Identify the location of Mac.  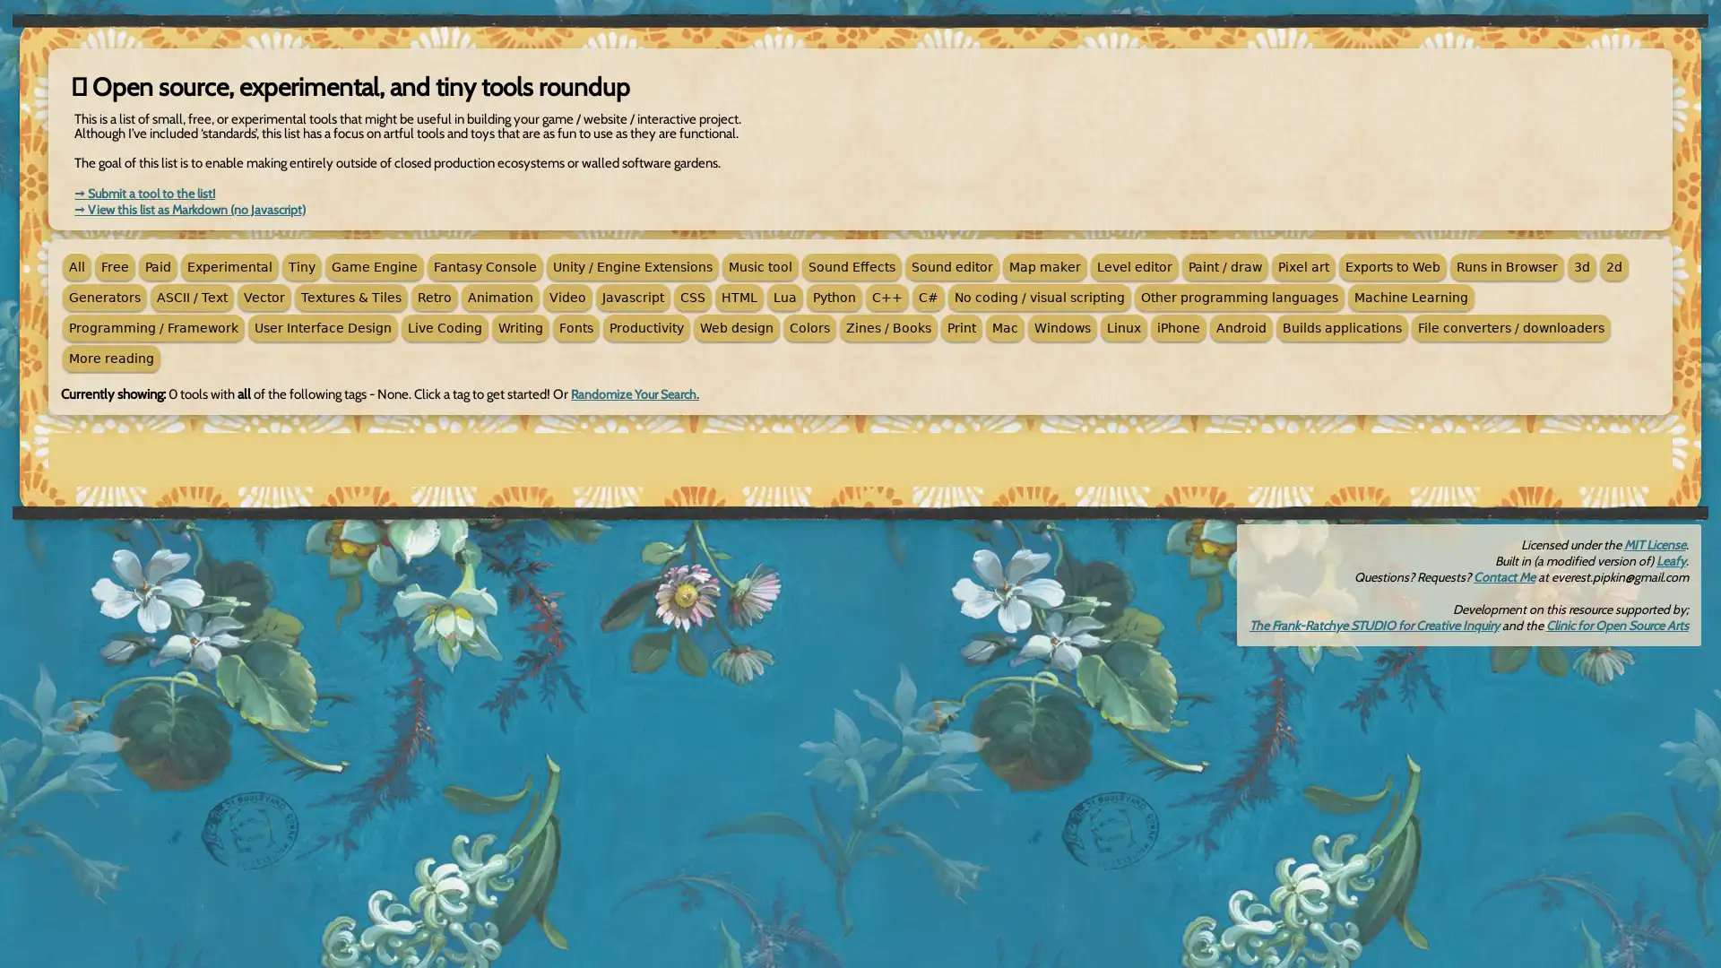
(1005, 328).